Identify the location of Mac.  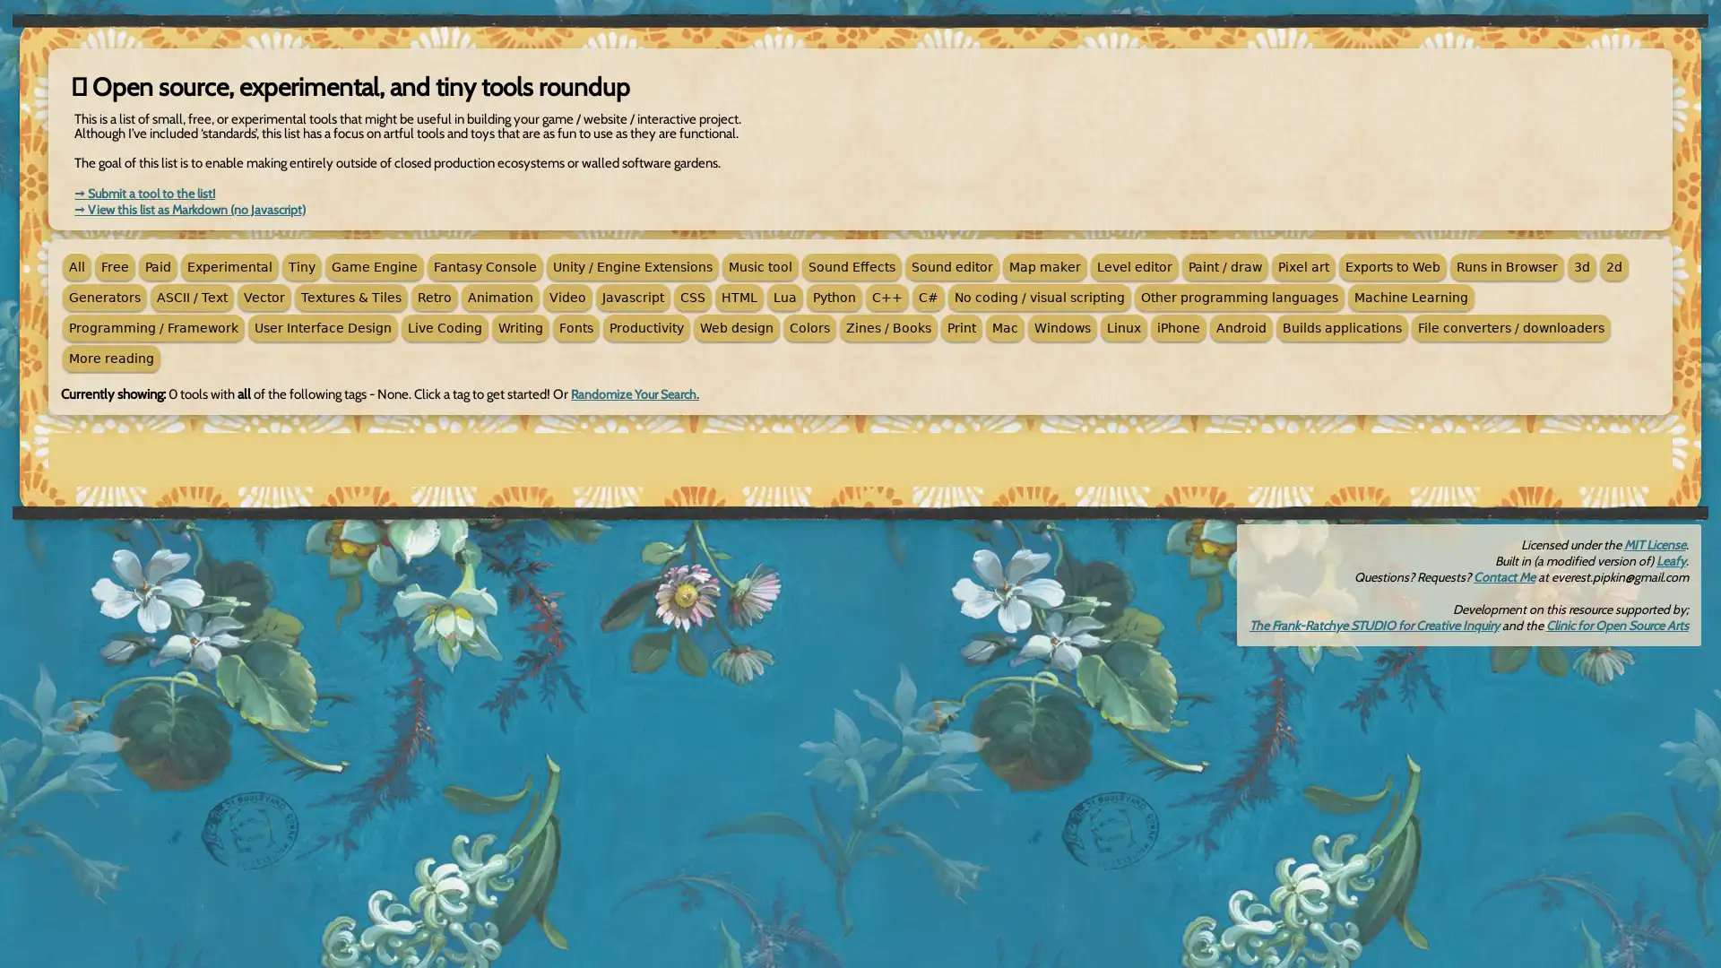
(1005, 328).